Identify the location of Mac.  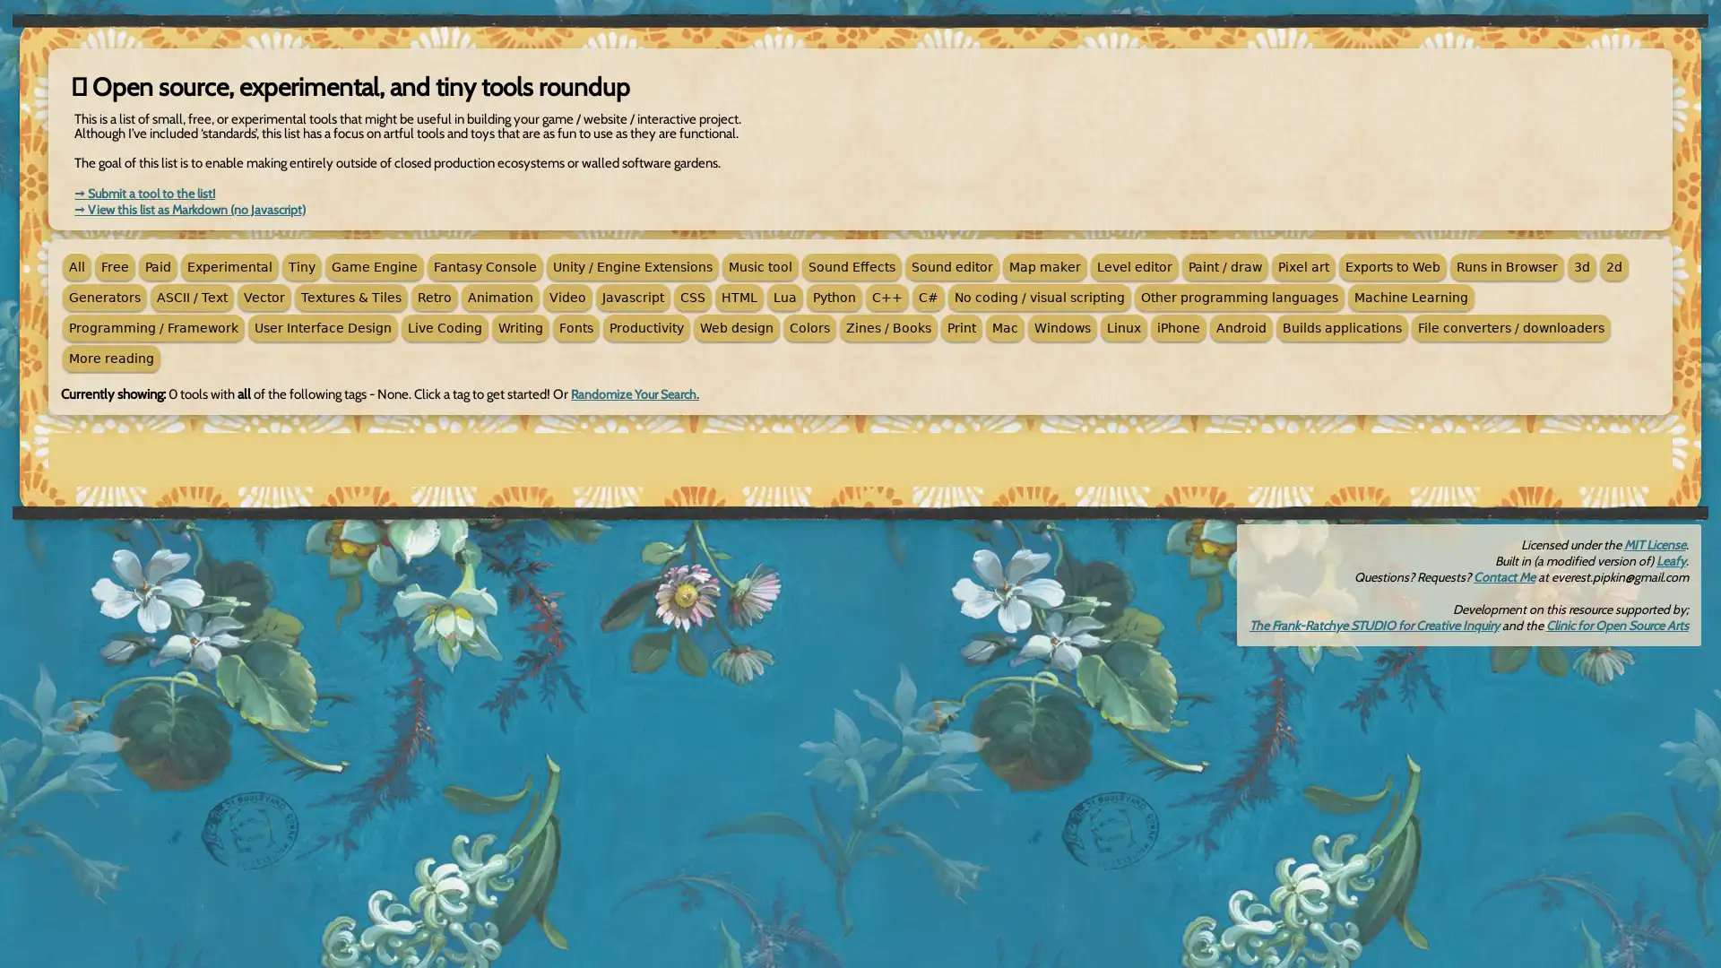
(1005, 328).